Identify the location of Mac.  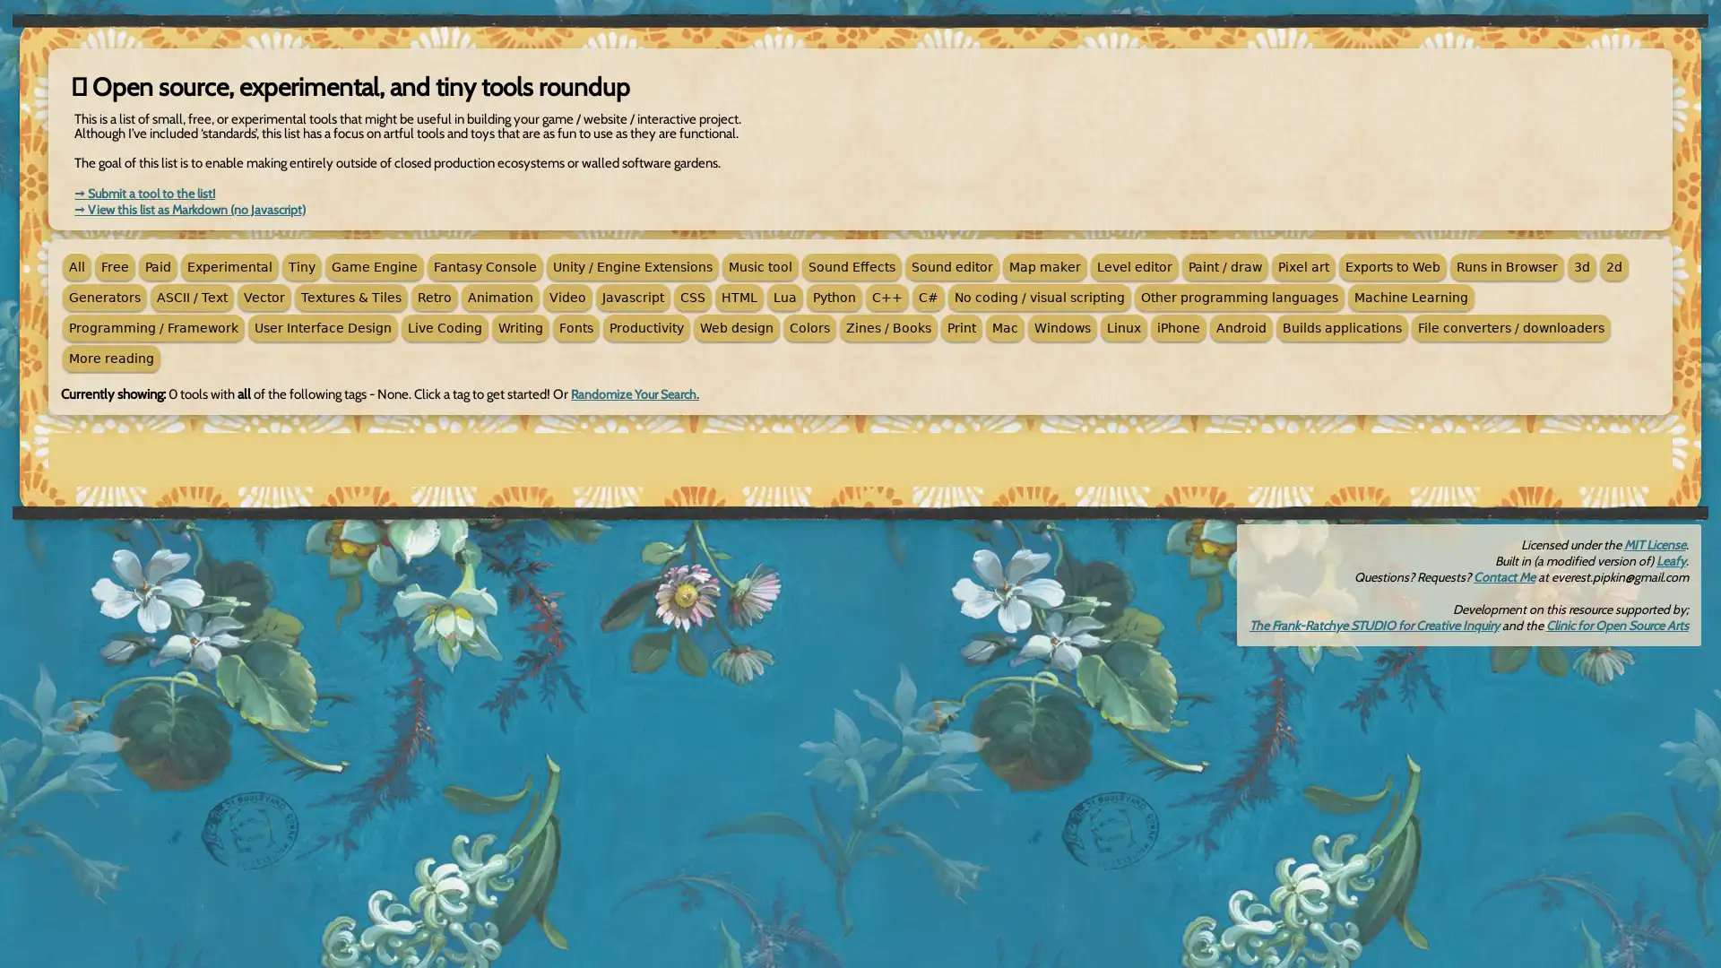
(1005, 328).